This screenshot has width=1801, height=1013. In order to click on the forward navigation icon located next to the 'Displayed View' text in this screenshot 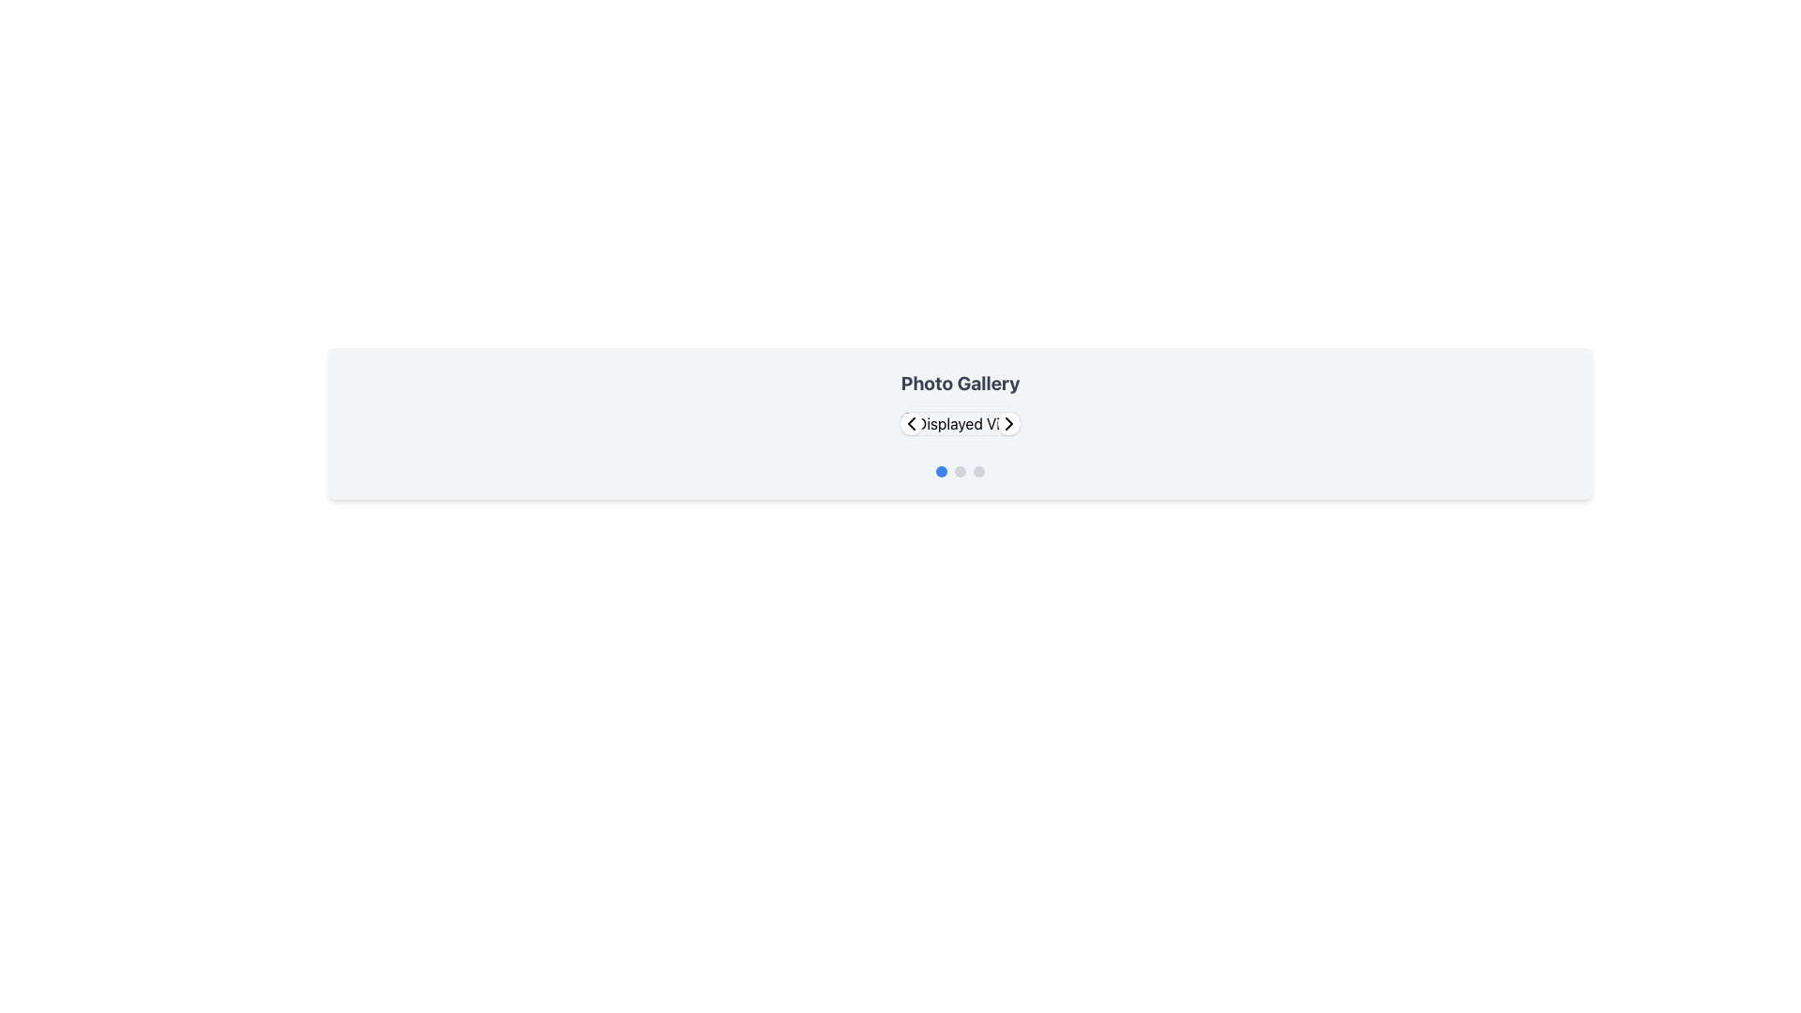, I will do `click(1007, 423)`.